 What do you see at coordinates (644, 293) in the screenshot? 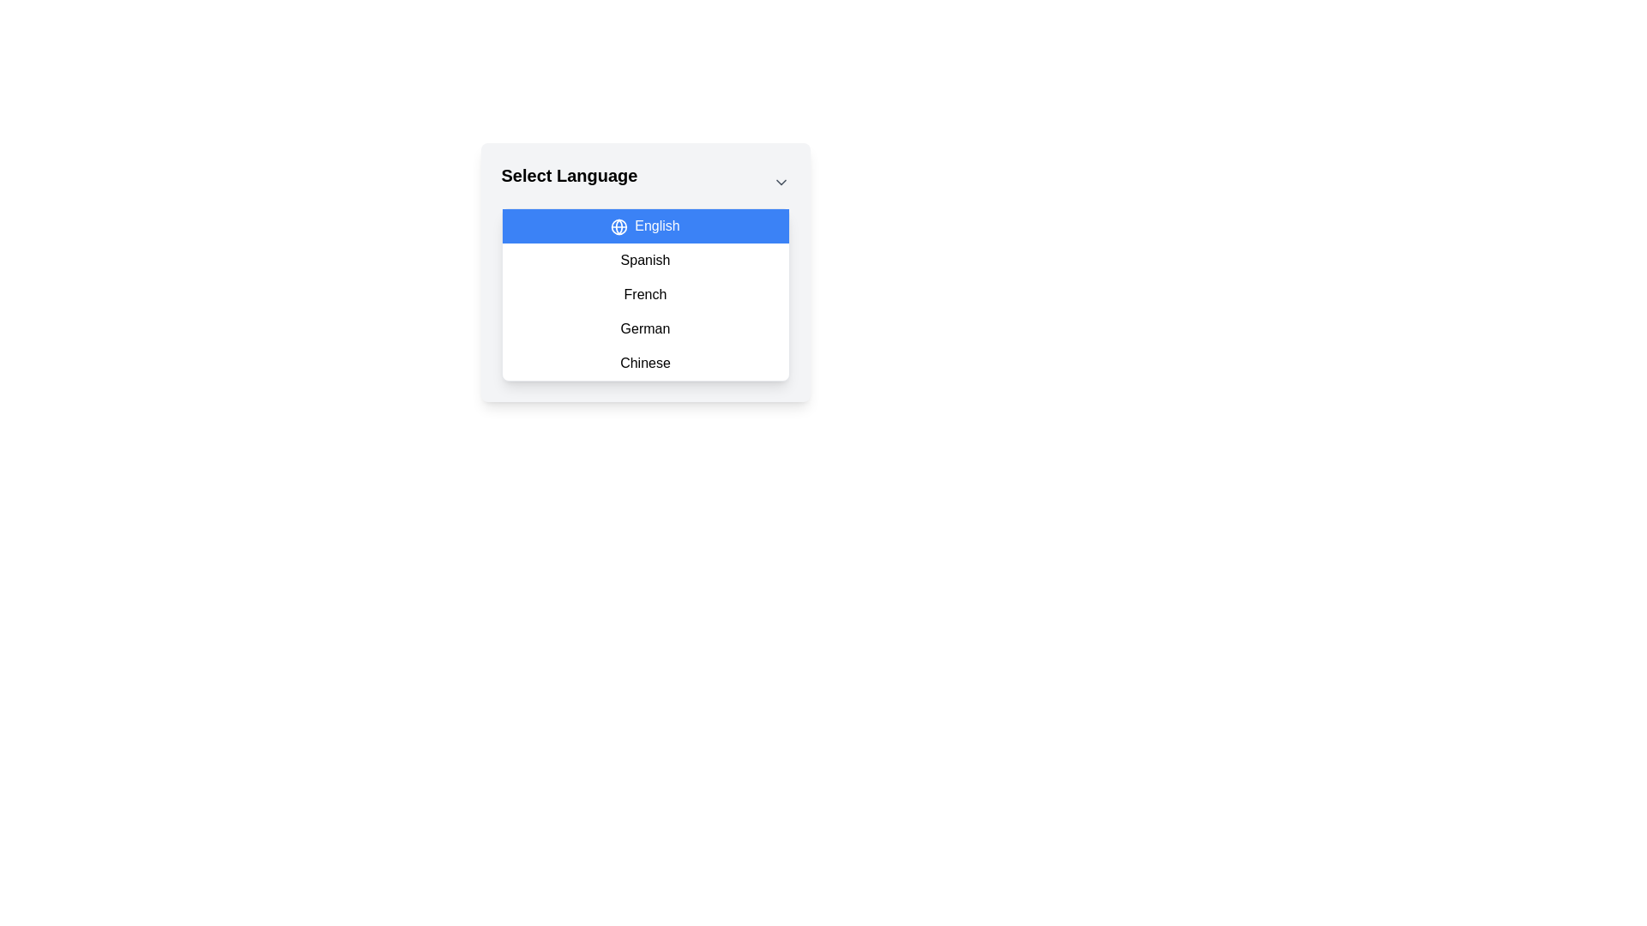
I see `to select the list item labeled 'French' within the dropdown menu, which is the third item from the top` at bounding box center [644, 293].